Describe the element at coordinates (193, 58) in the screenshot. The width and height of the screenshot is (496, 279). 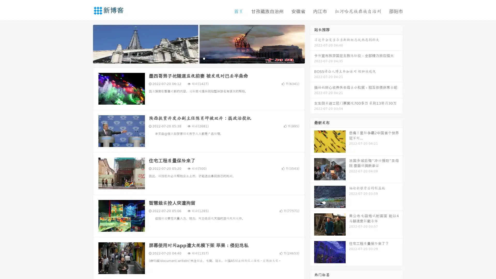
I see `Go to slide 1` at that location.